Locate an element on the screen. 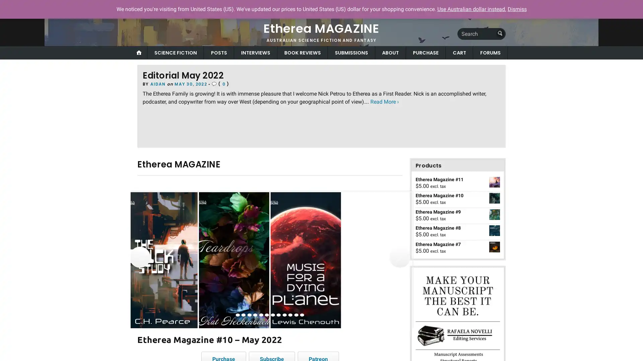 Image resolution: width=643 pixels, height=361 pixels. view image 12 of 12 in carousel is located at coordinates (302, 315).